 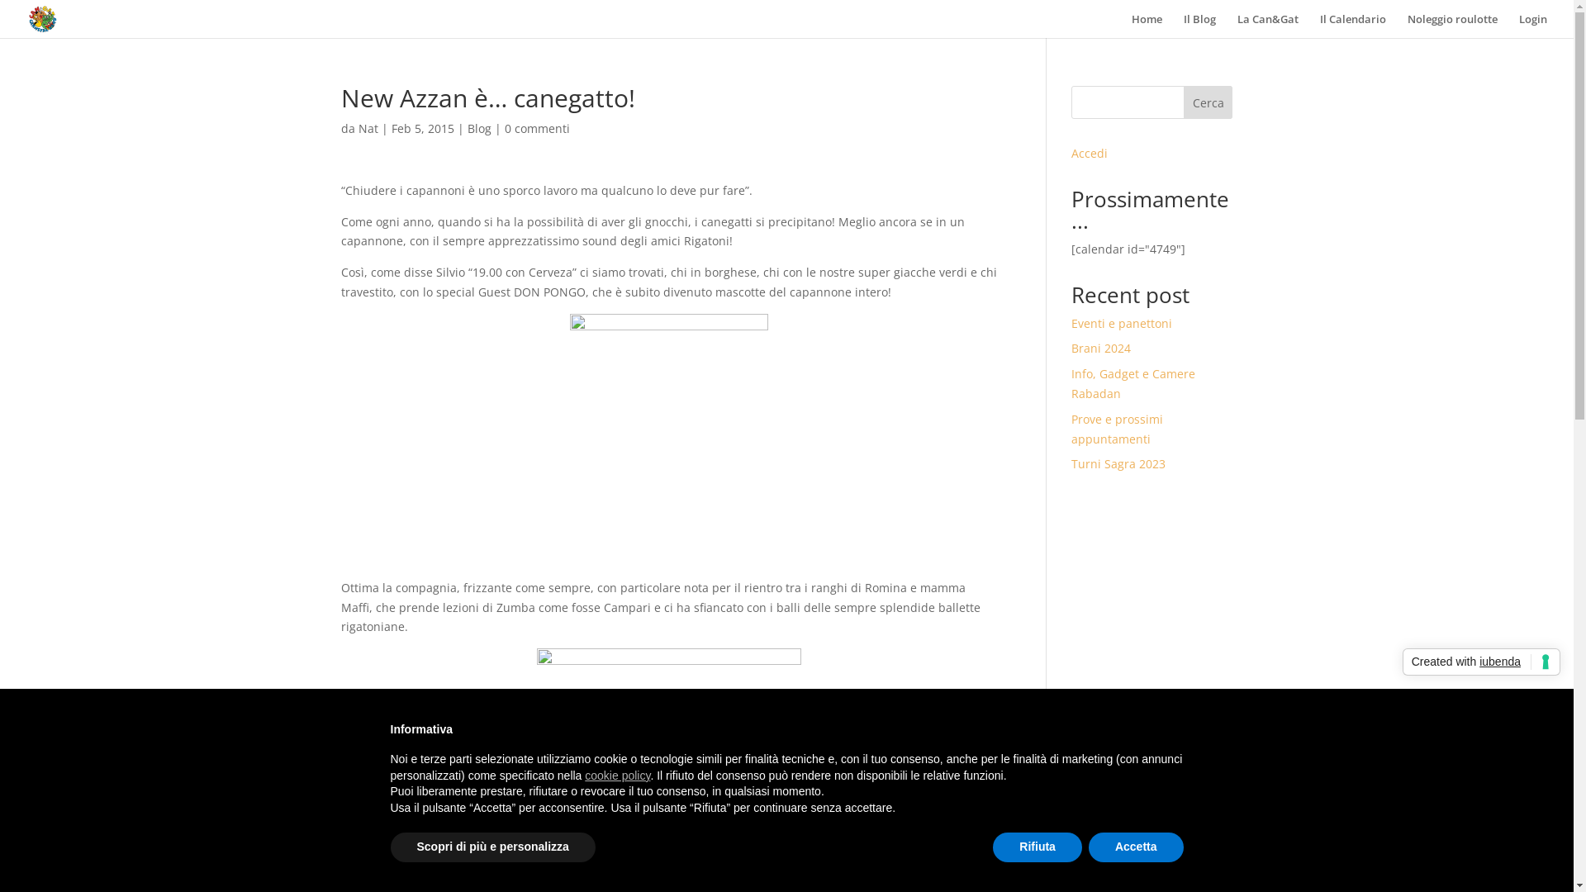 What do you see at coordinates (1133, 383) in the screenshot?
I see `'Info, Gadget e Camere Rabadan'` at bounding box center [1133, 383].